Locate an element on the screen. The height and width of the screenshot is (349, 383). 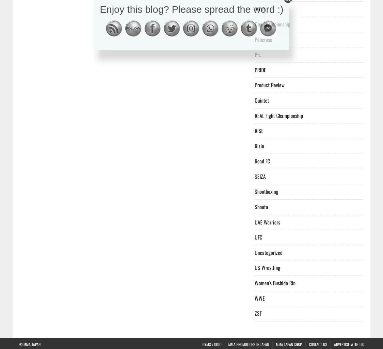
'RISE' is located at coordinates (259, 130).